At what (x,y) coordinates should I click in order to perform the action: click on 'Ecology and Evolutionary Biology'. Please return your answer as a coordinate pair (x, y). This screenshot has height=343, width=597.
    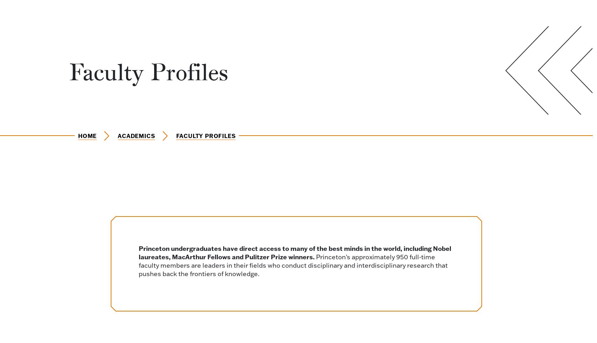
    Looking at the image, I should click on (119, 272).